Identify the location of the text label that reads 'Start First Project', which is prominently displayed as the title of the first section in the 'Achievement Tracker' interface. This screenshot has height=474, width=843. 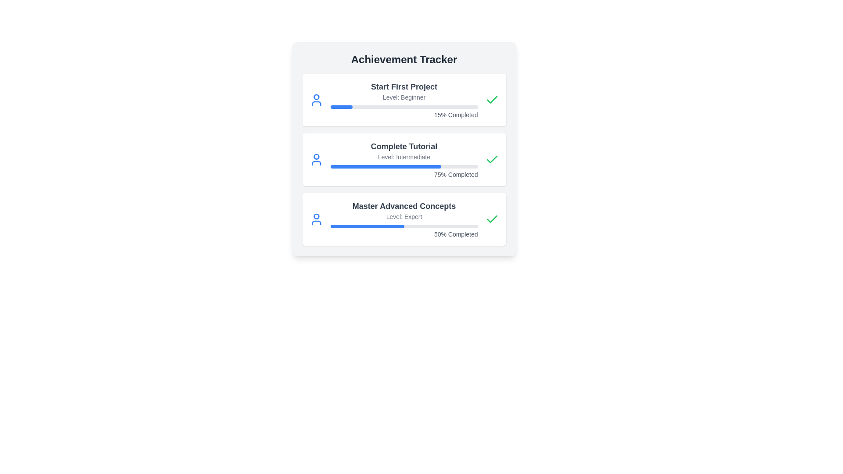
(403, 86).